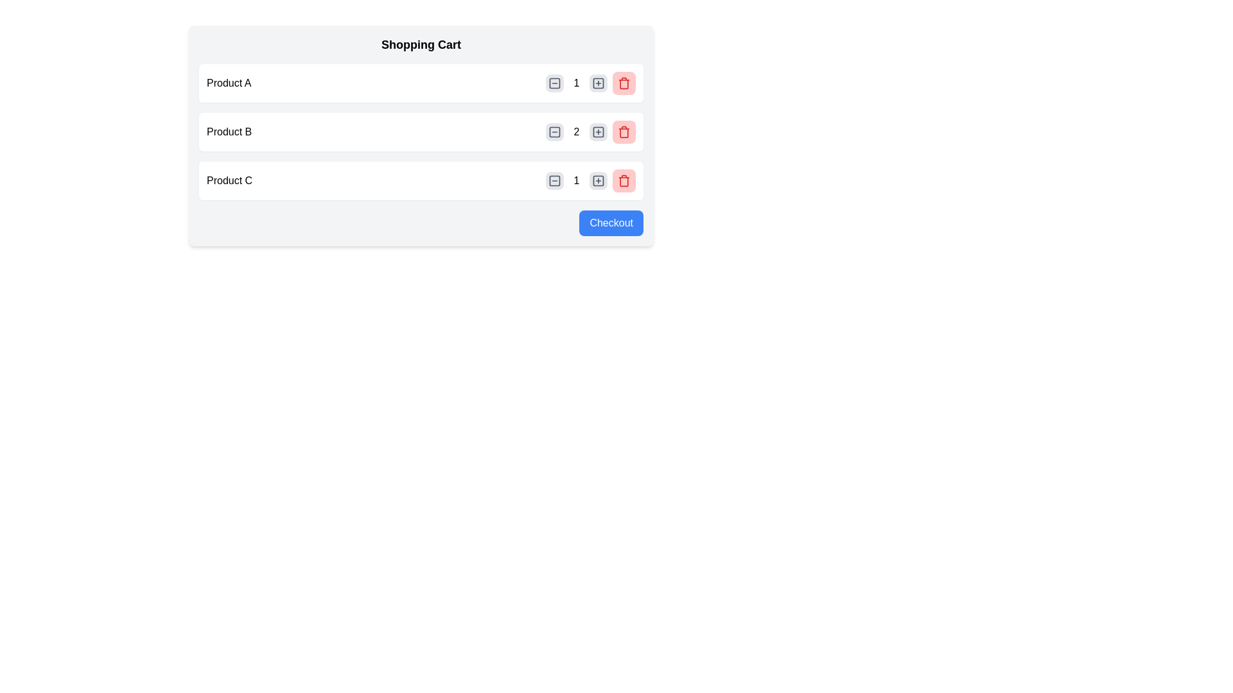  What do you see at coordinates (624, 83) in the screenshot?
I see `the trash can icon button in the 'Product A' row of the shopping cart interface` at bounding box center [624, 83].